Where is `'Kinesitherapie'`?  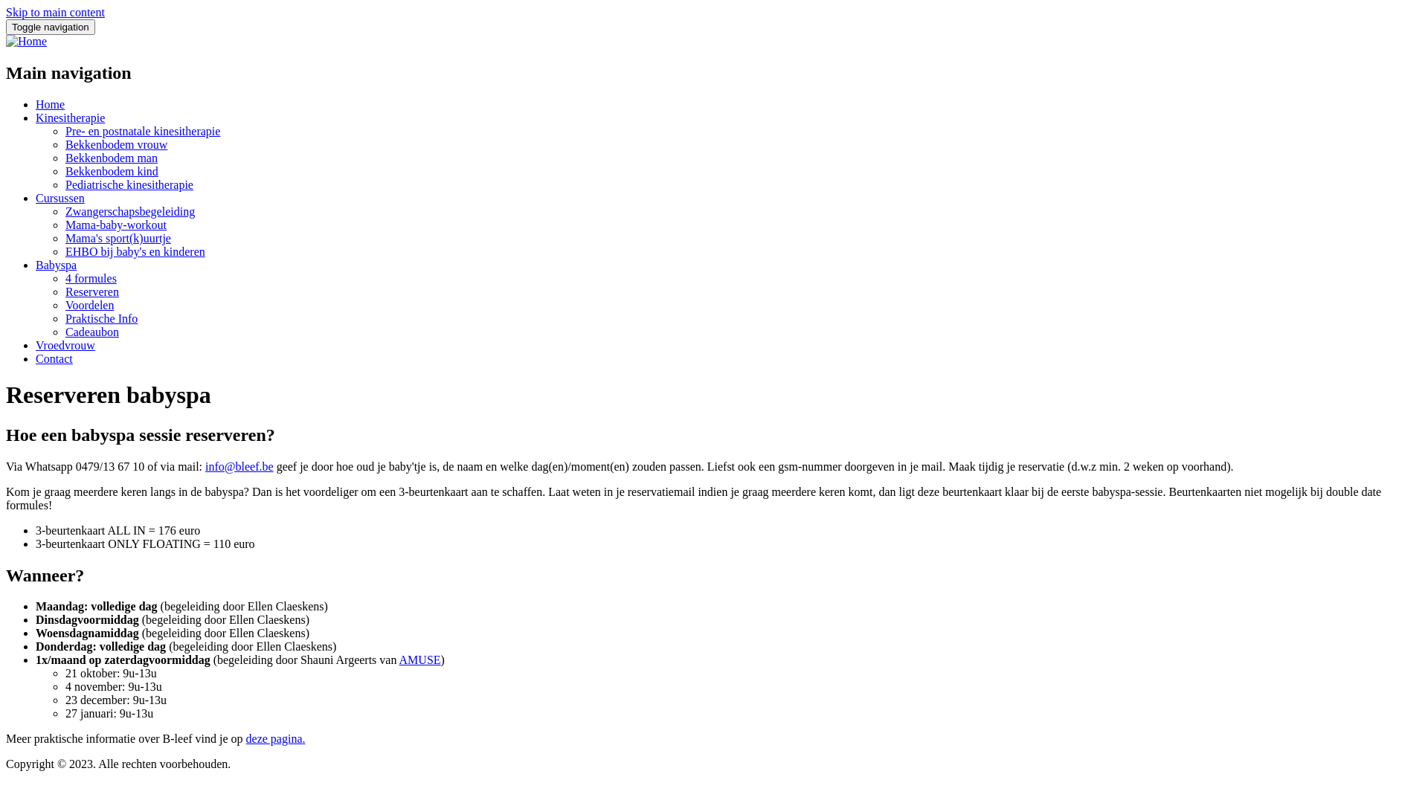 'Kinesitherapie' is located at coordinates (69, 117).